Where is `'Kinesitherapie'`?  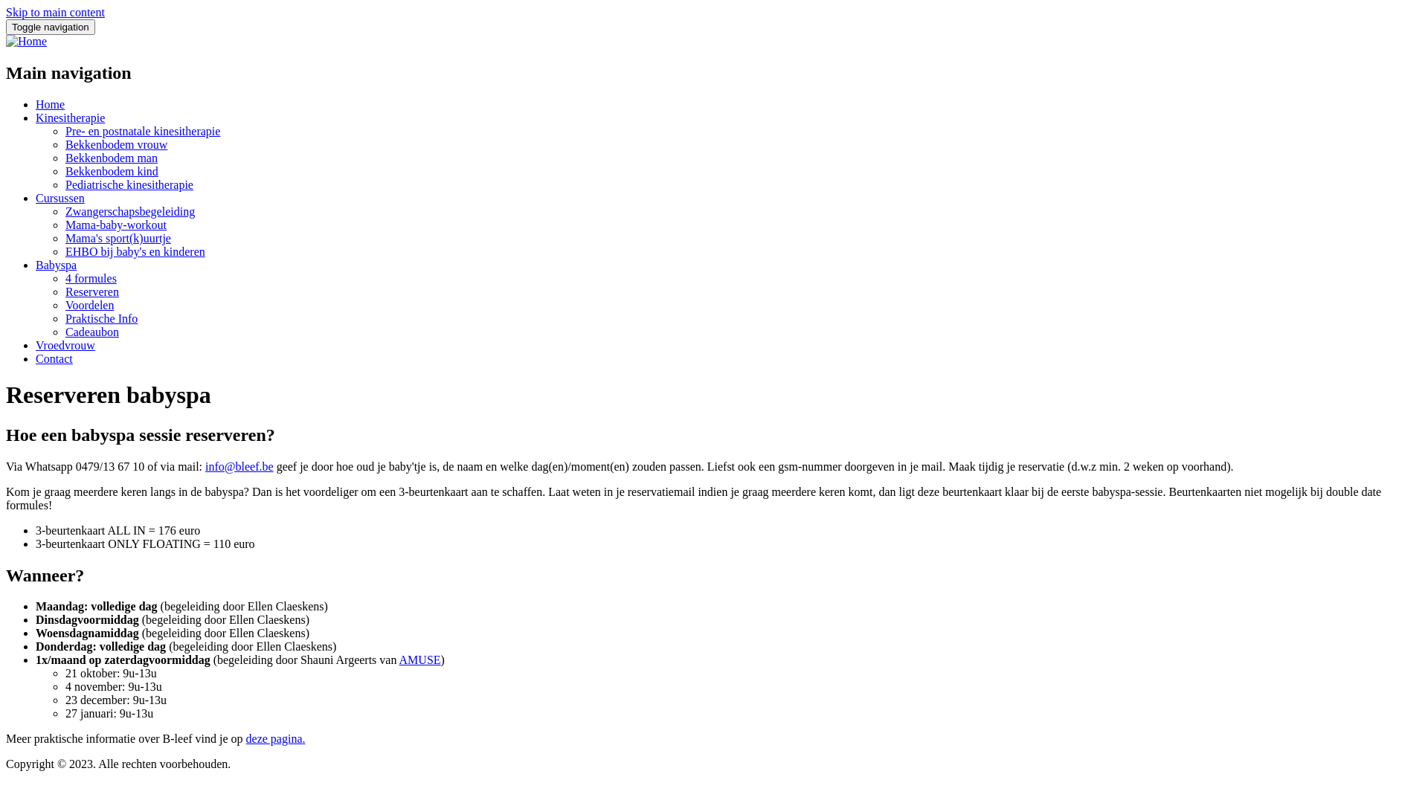 'Kinesitherapie' is located at coordinates (69, 117).